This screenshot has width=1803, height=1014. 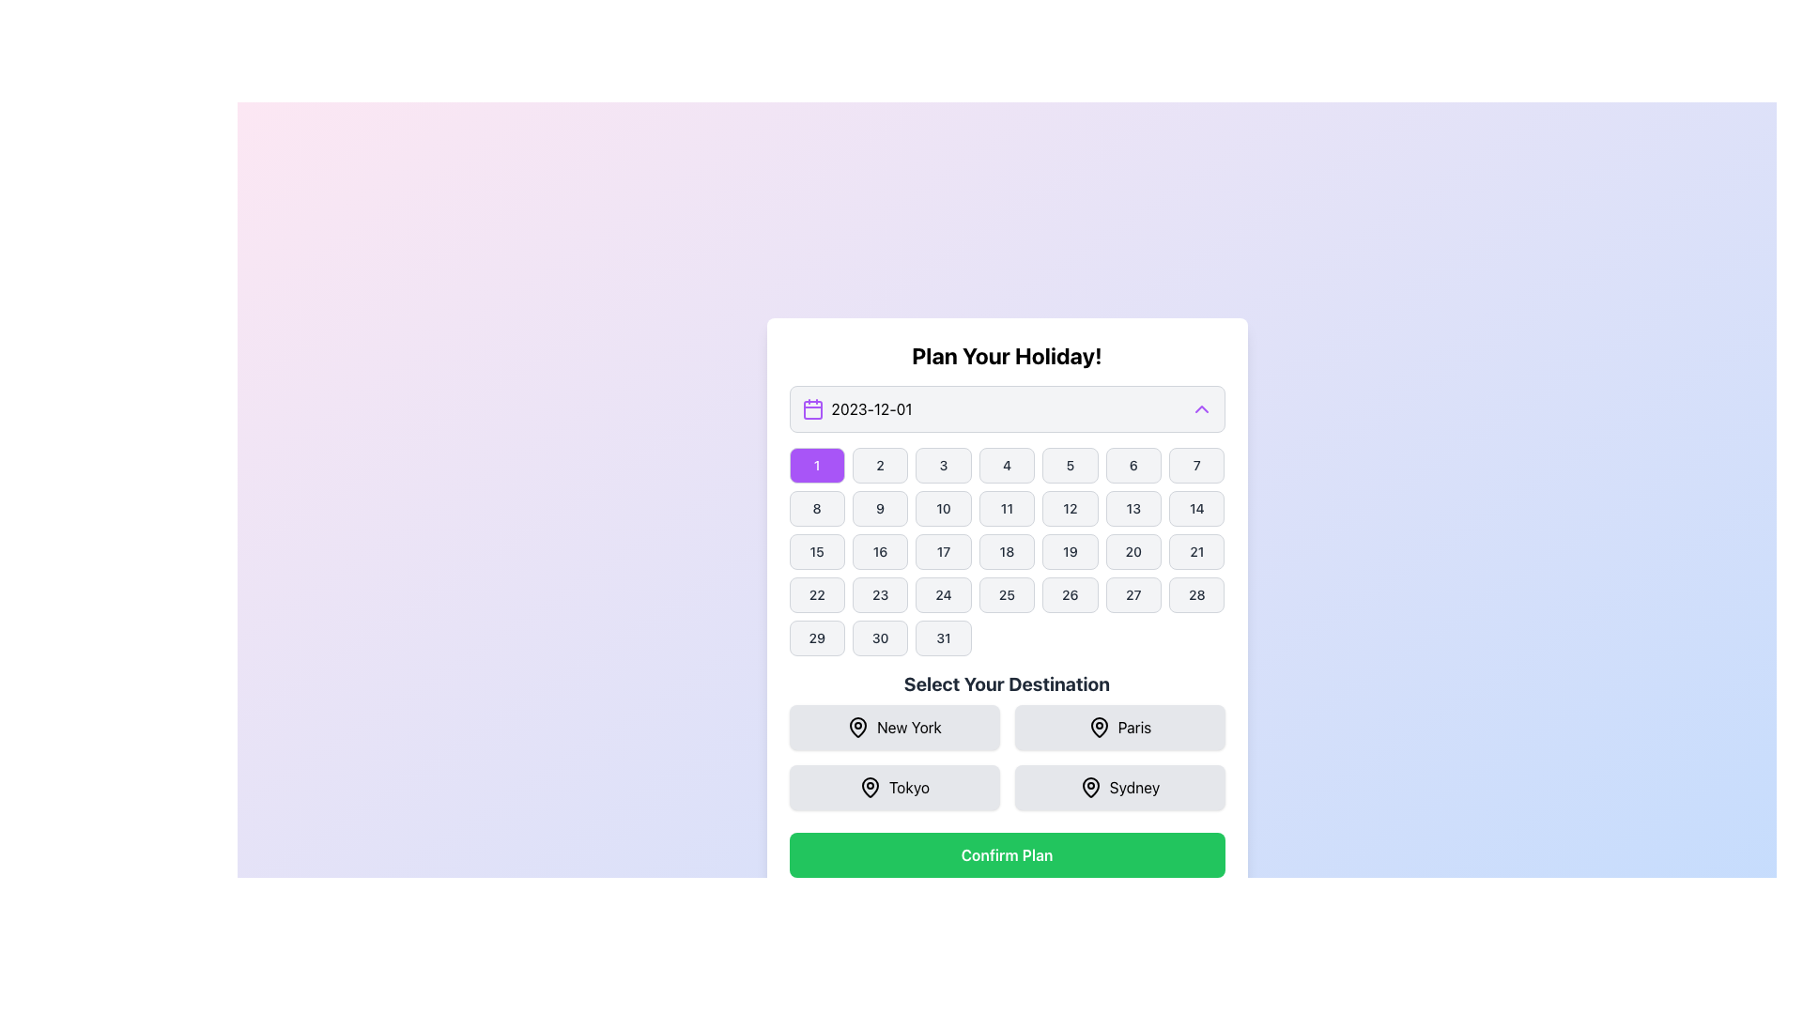 What do you see at coordinates (1006, 550) in the screenshot?
I see `the button labeled '18' in the calendar grid` at bounding box center [1006, 550].